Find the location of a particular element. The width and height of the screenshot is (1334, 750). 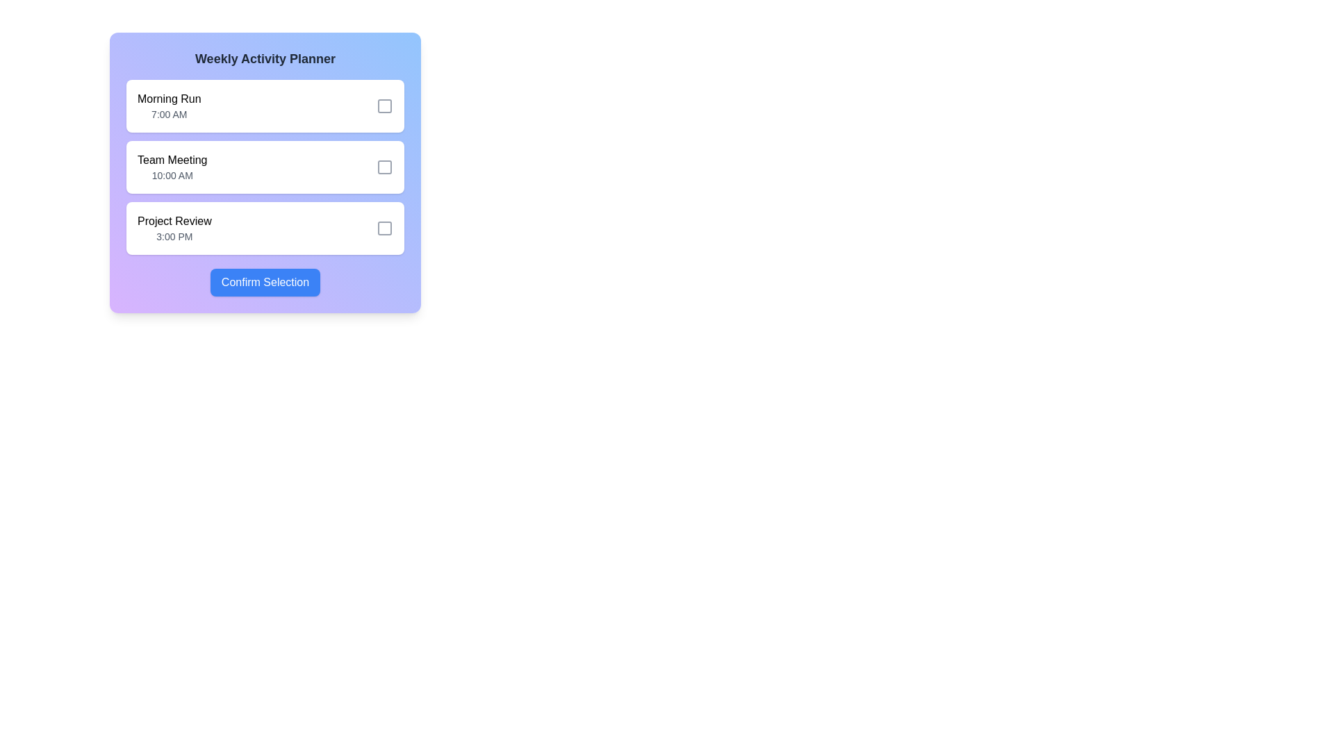

the checkbox located on the right side of the 'Team Meeting' row in the 'Weekly Activity Planner' interface is located at coordinates (384, 166).